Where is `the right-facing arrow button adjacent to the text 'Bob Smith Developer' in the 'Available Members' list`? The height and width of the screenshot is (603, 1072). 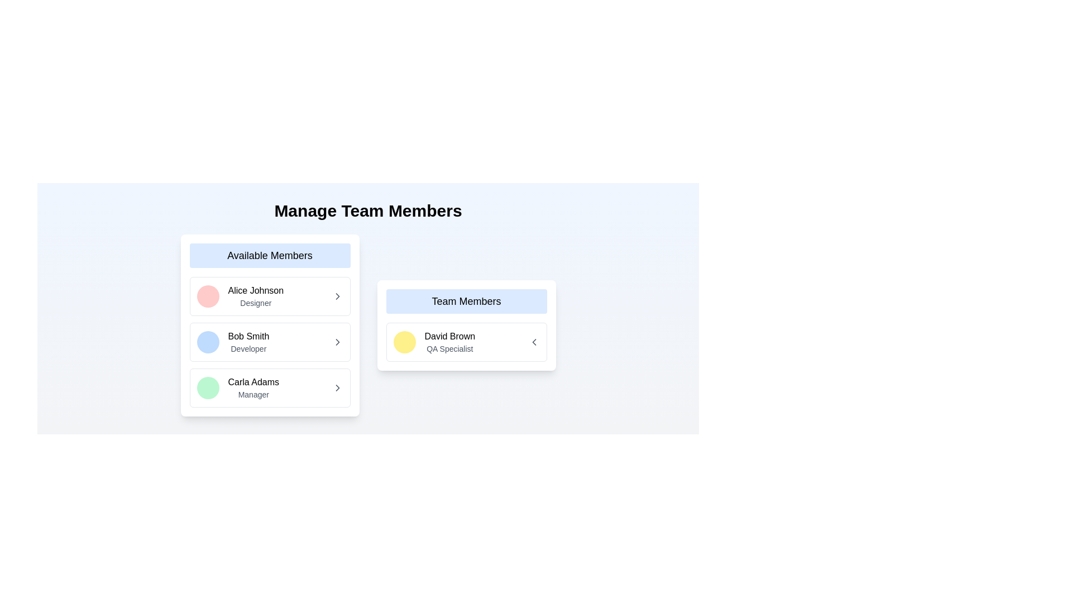
the right-facing arrow button adjacent to the text 'Bob Smith Developer' in the 'Available Members' list is located at coordinates (337, 342).